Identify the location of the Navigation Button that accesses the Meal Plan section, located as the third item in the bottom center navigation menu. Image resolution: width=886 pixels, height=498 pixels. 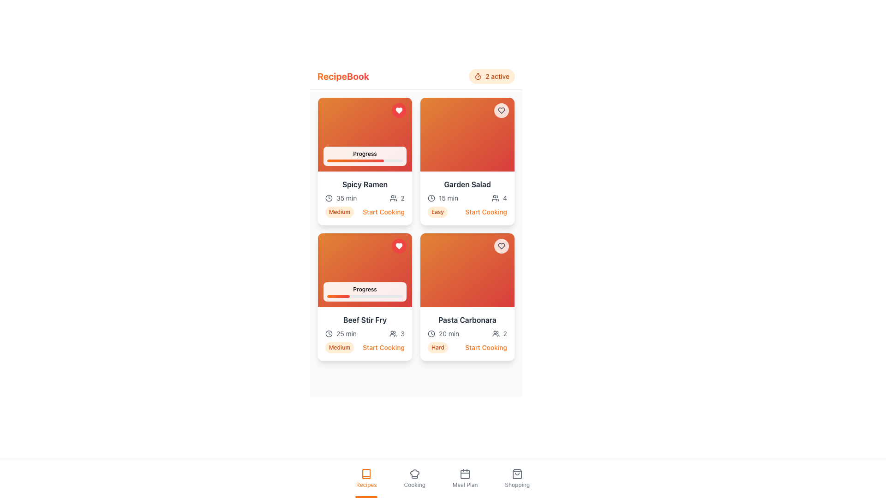
(443, 478).